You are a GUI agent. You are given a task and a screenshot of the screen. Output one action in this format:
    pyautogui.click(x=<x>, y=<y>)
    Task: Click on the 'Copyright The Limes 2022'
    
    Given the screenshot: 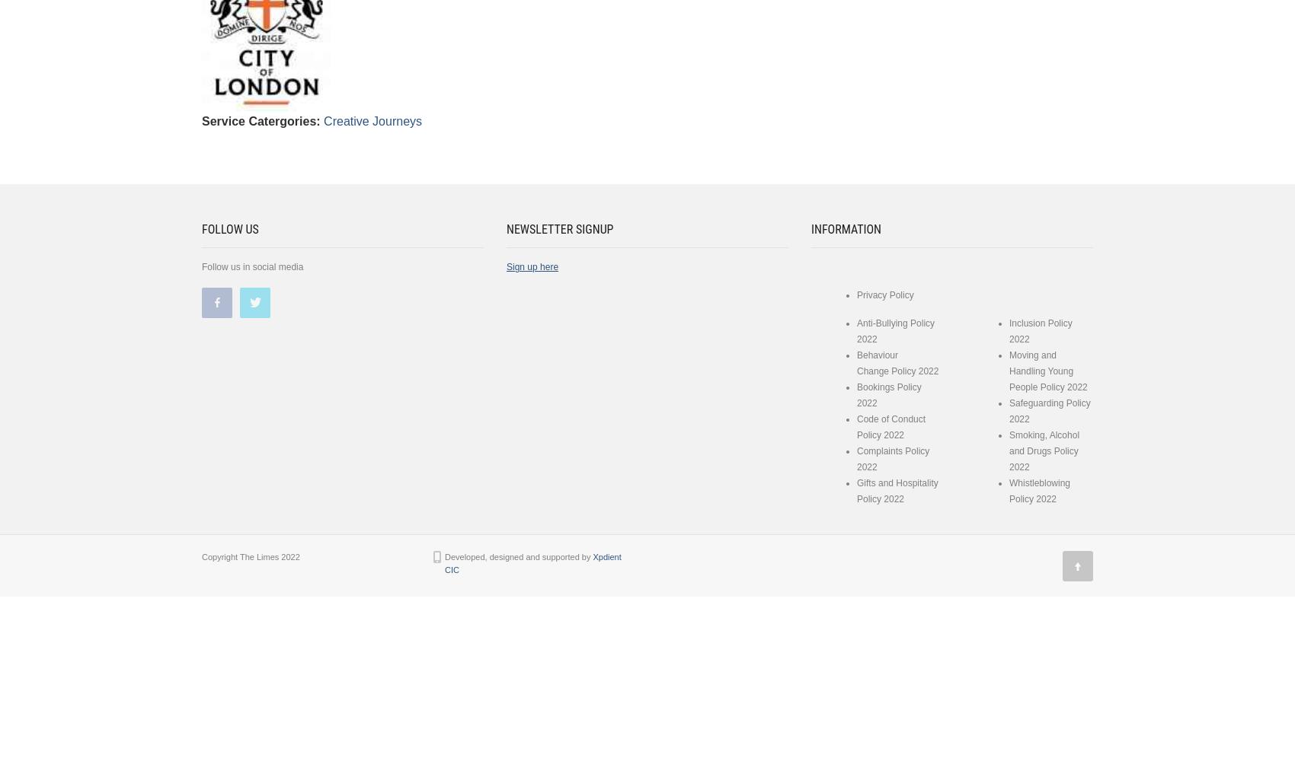 What is the action you would take?
    pyautogui.click(x=249, y=556)
    